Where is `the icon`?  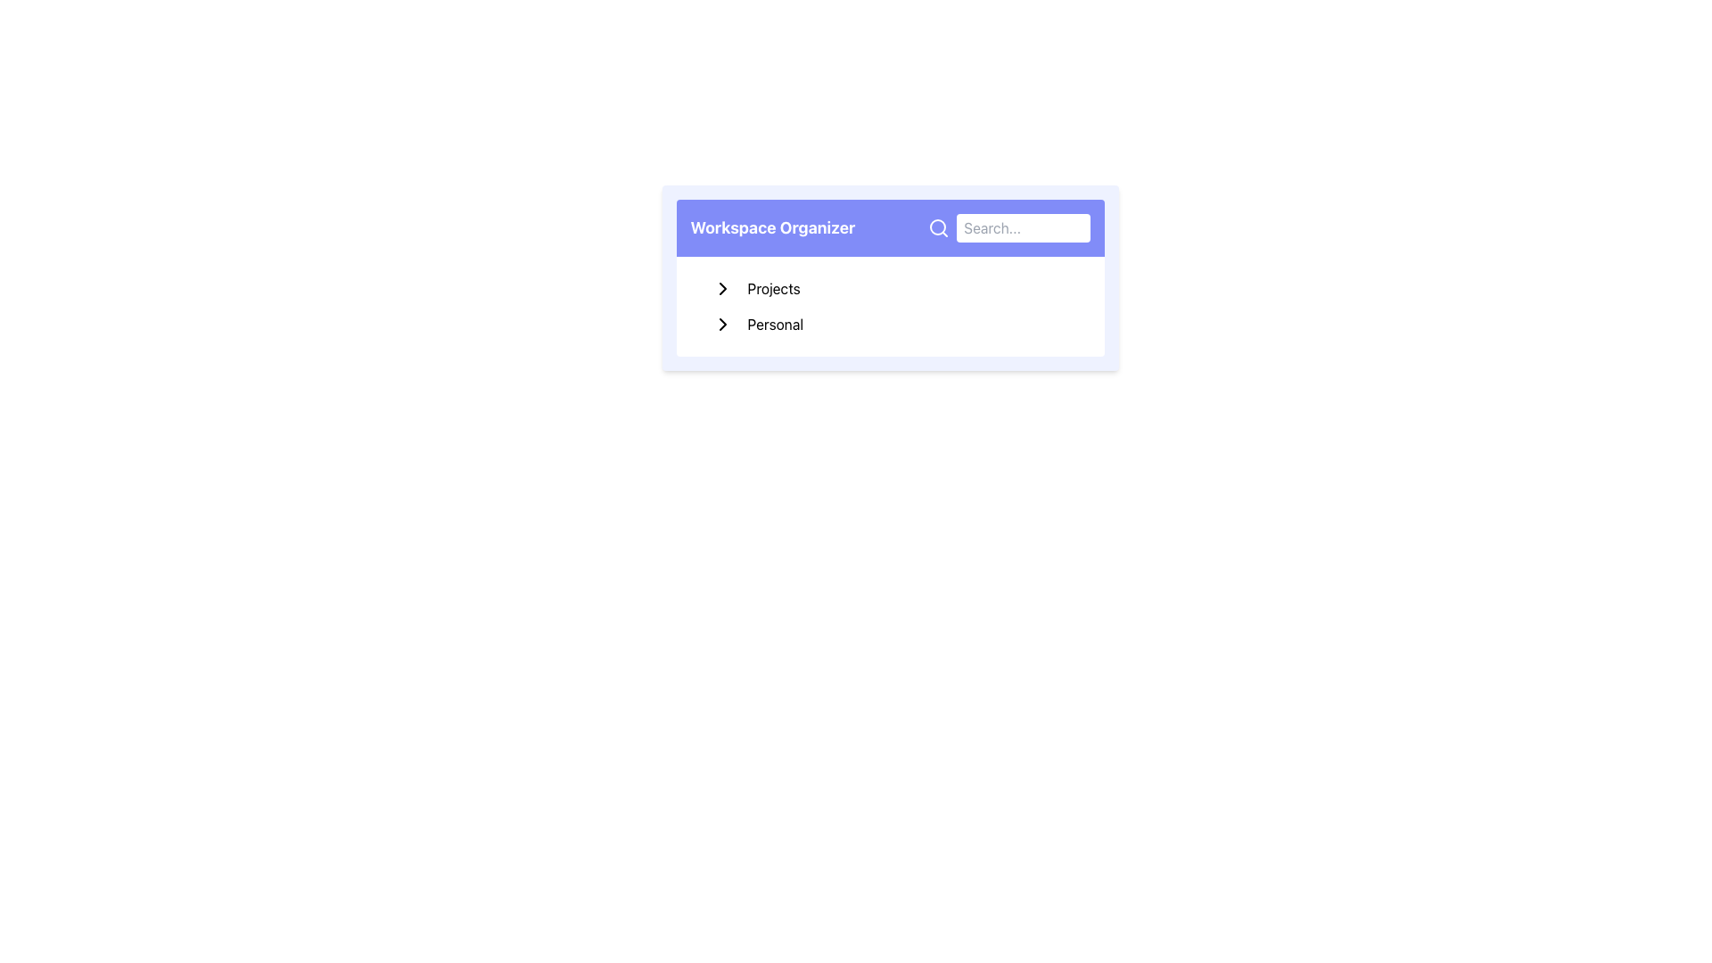 the icon is located at coordinates (722, 324).